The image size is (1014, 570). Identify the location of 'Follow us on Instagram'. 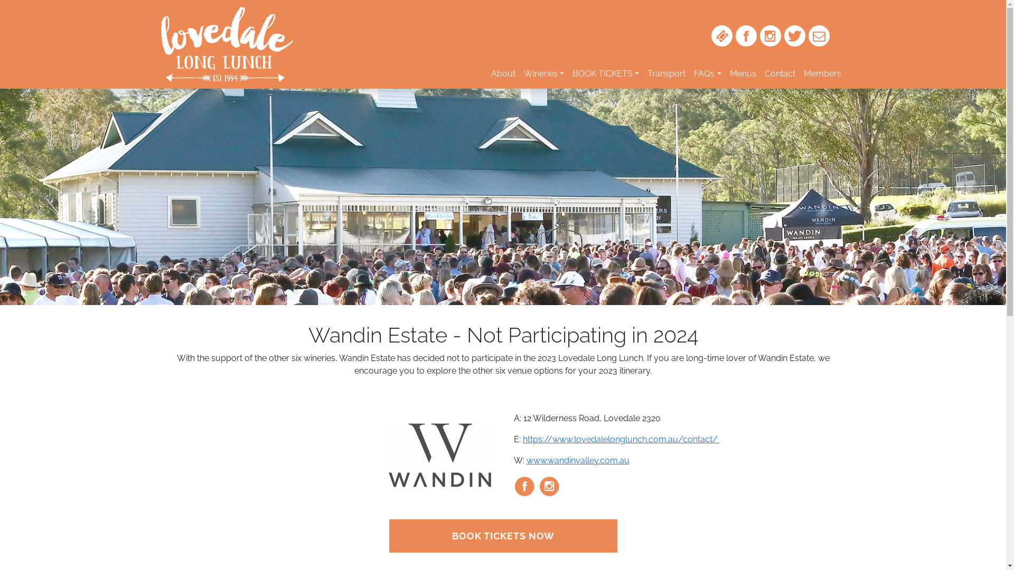
(770, 35).